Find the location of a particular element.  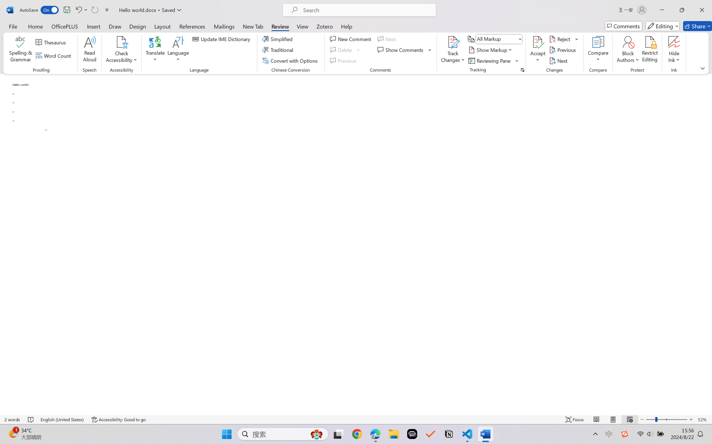

'Track Changes' is located at coordinates (453, 50).